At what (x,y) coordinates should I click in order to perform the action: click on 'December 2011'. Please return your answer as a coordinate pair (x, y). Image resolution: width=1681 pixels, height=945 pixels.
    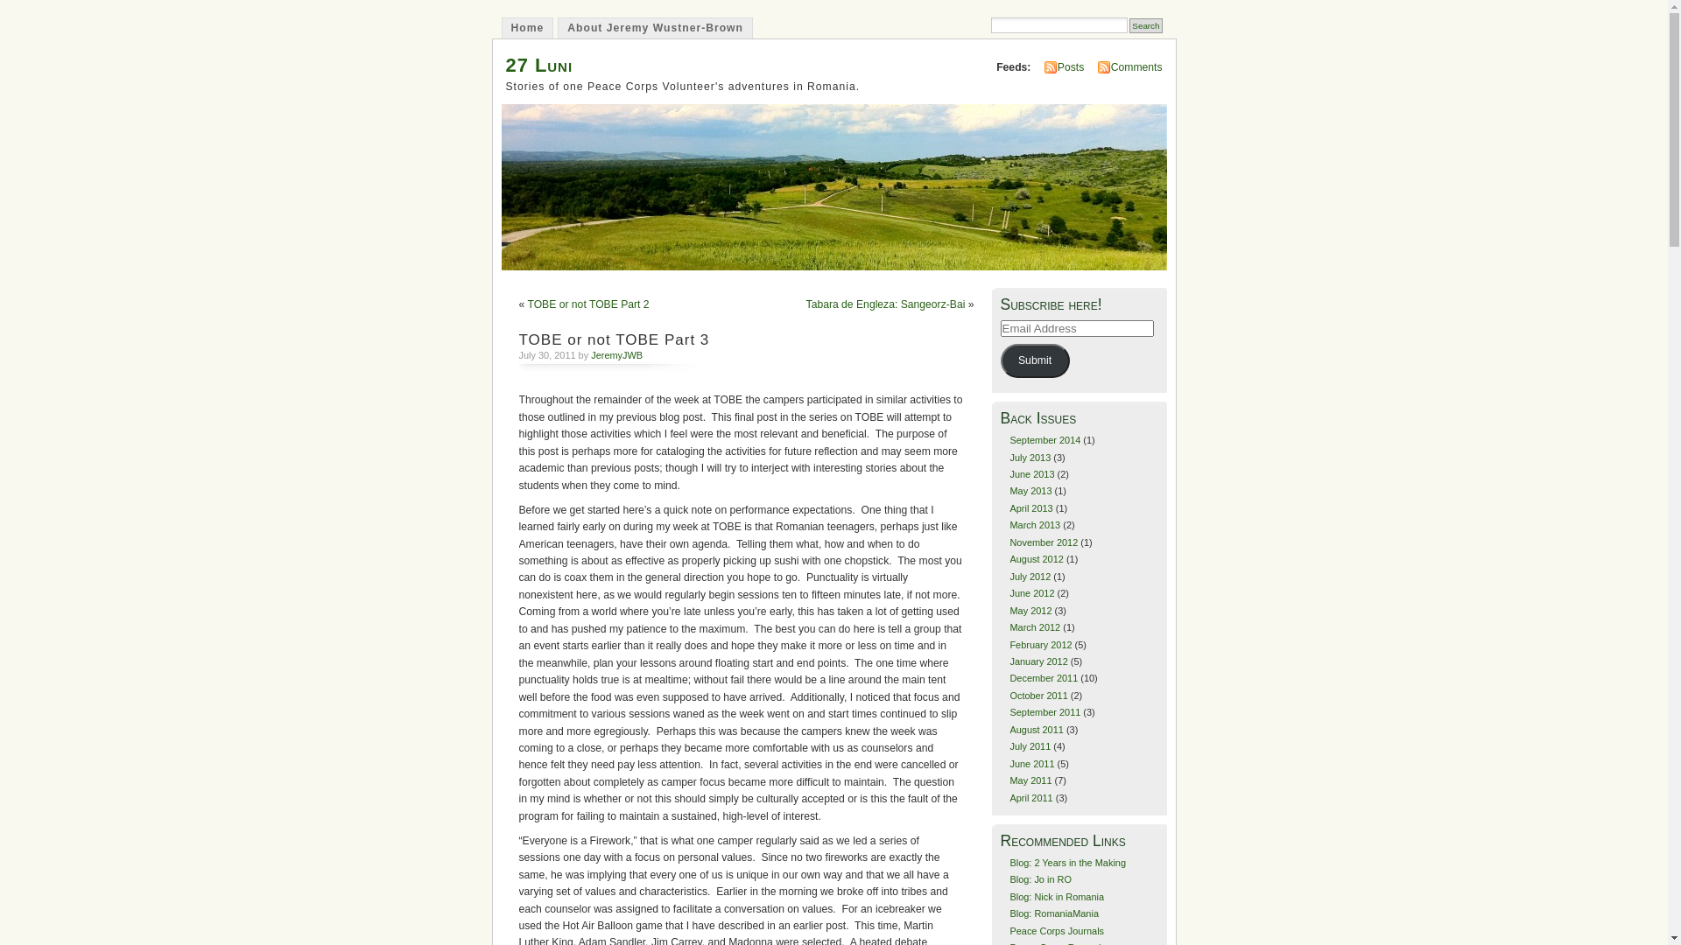
    Looking at the image, I should click on (1009, 677).